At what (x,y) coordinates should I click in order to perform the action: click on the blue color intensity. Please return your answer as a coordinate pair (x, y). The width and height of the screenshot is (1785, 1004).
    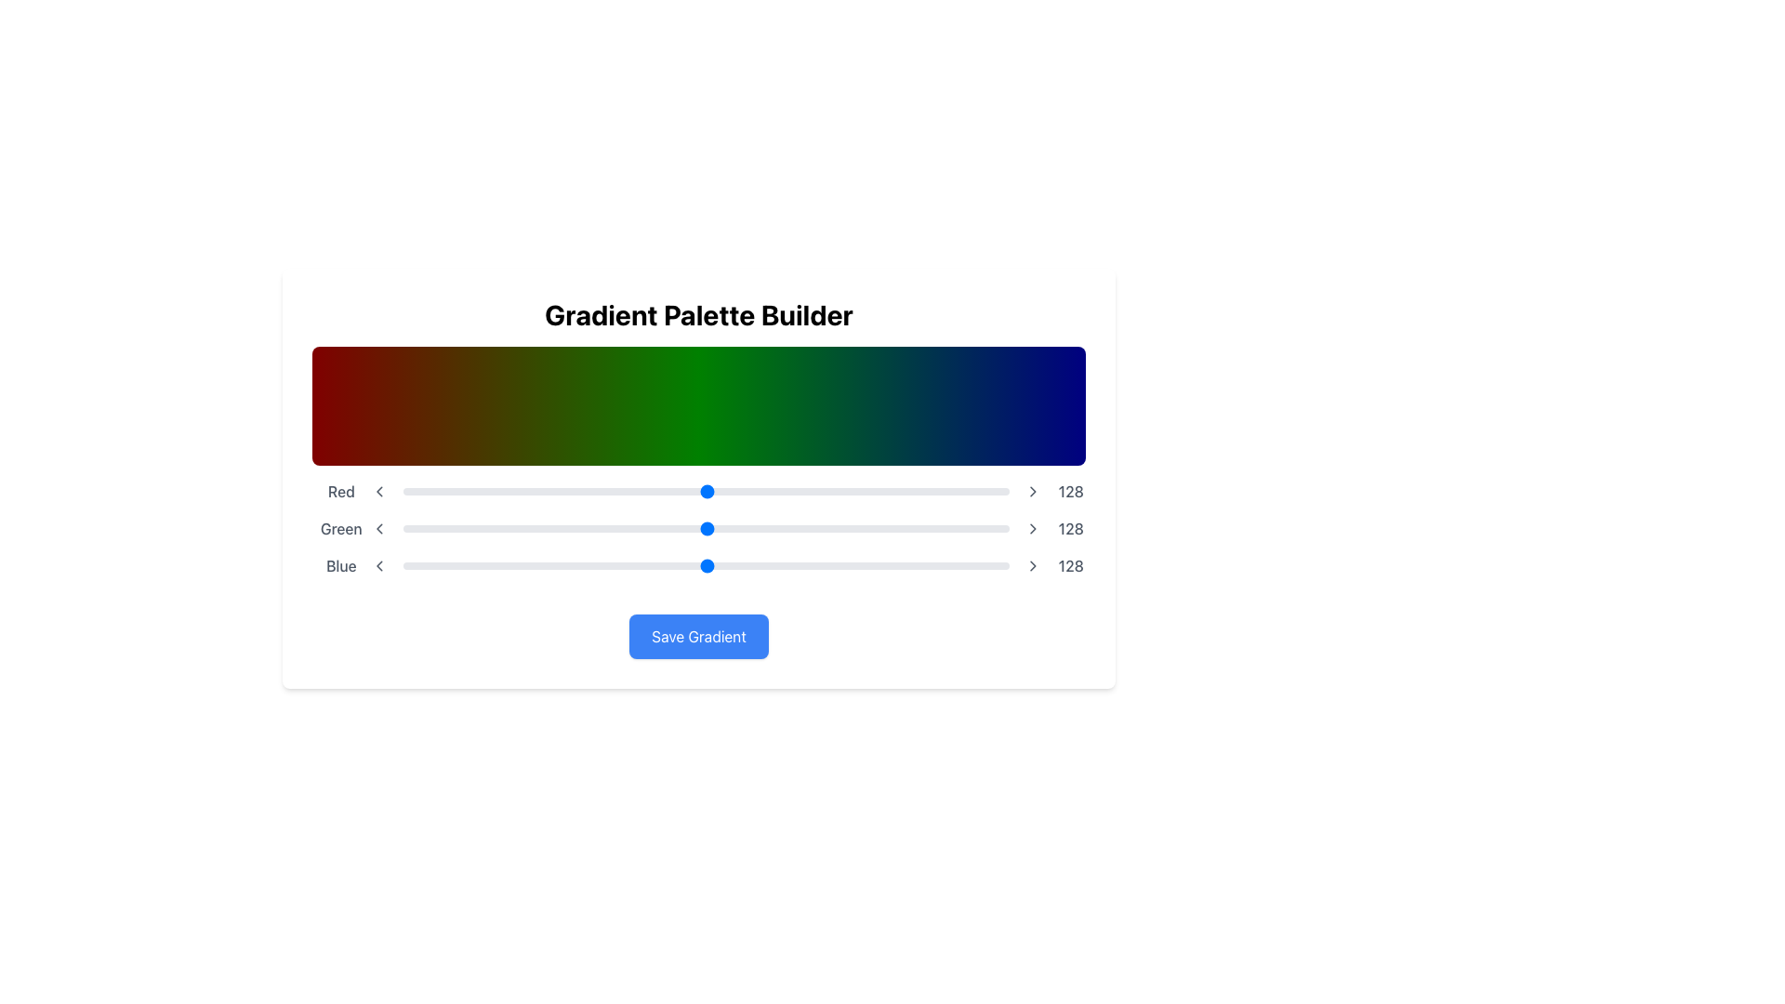
    Looking at the image, I should click on (571, 561).